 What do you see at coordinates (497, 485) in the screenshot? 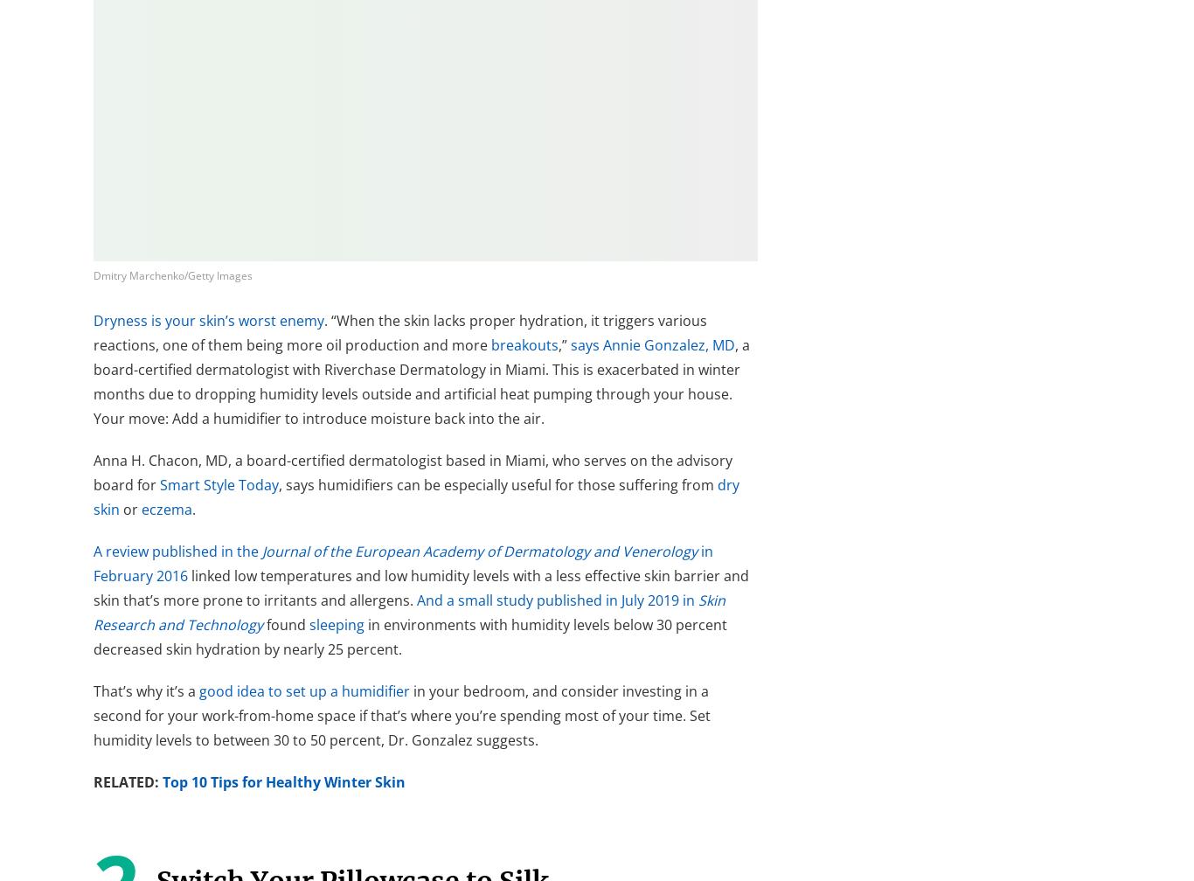
I see `', says humidifiers can be especially useful for those suffering from'` at bounding box center [497, 485].